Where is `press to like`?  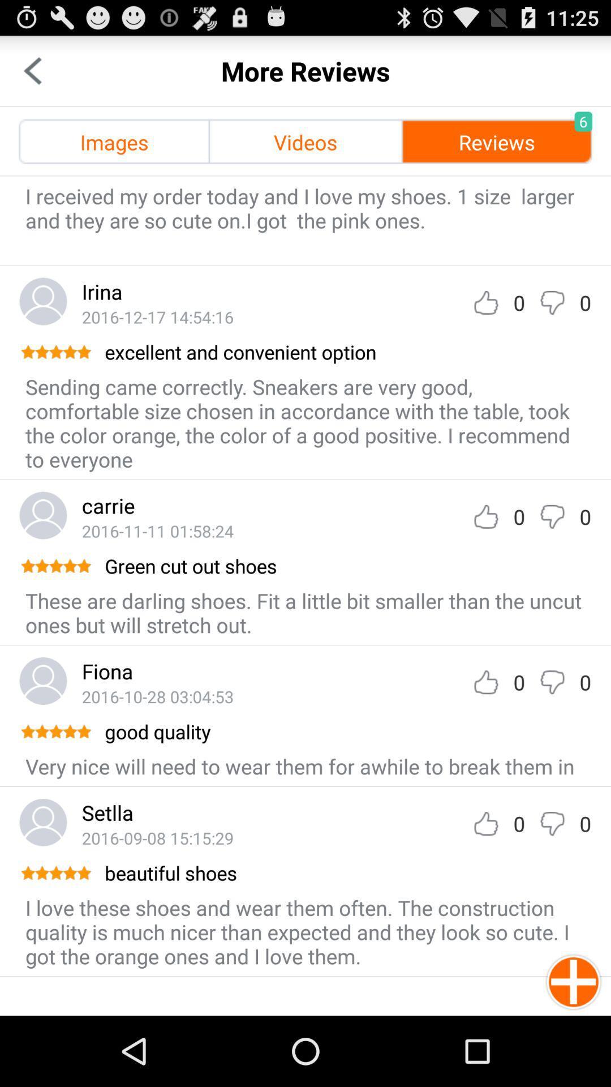 press to like is located at coordinates (485, 823).